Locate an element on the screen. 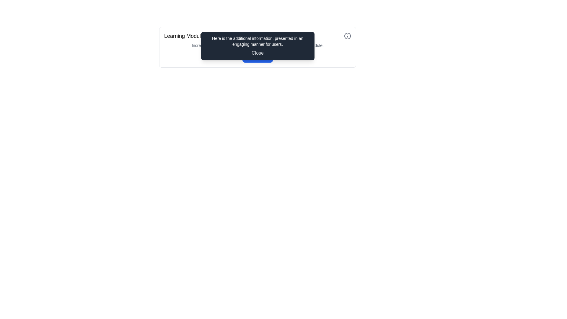 The image size is (567, 319). the informational popup window that displays additional details, positioned centrally below the 'Learning Module' header and above the 'Start Now' button is located at coordinates (258, 45).